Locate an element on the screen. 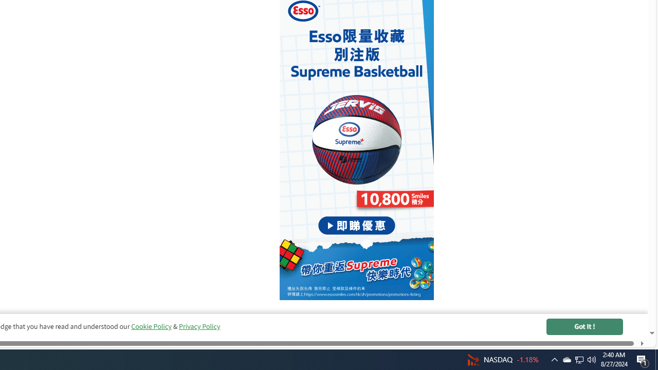 This screenshot has width=658, height=370. 'Cookie Policy' is located at coordinates (151, 326).